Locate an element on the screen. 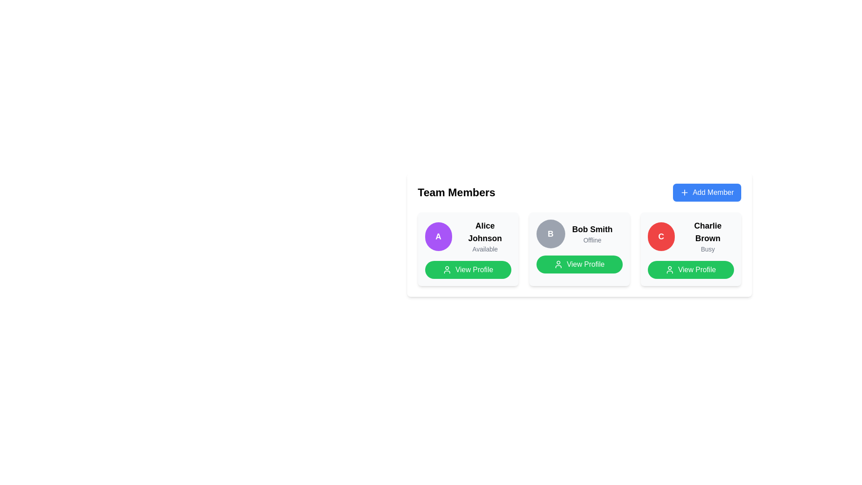  the profile icon located within the 'View Profile' button for Charlie Brown, which is positioned in the rightmost column of the layout, to enhance semantic clarity is located at coordinates (670, 269).